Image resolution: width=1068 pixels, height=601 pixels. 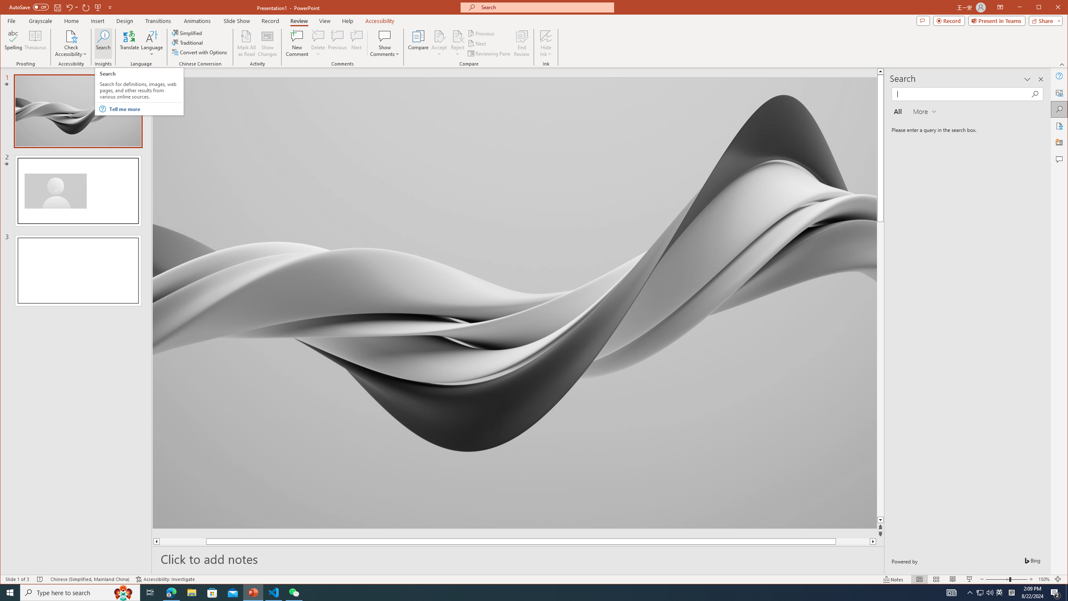 What do you see at coordinates (35, 43) in the screenshot?
I see `'Thesaurus...'` at bounding box center [35, 43].